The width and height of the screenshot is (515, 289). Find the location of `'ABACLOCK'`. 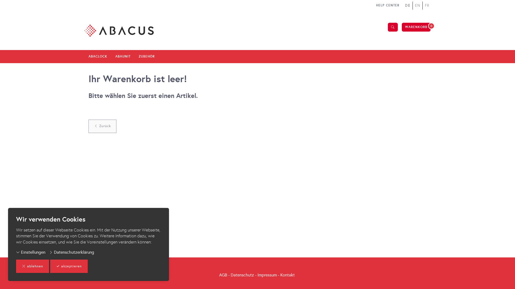

'ABACLOCK' is located at coordinates (98, 56).